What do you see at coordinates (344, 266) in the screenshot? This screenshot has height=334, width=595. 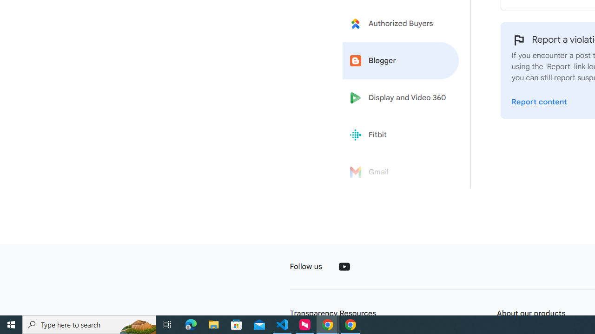 I see `'YouTube'` at bounding box center [344, 266].